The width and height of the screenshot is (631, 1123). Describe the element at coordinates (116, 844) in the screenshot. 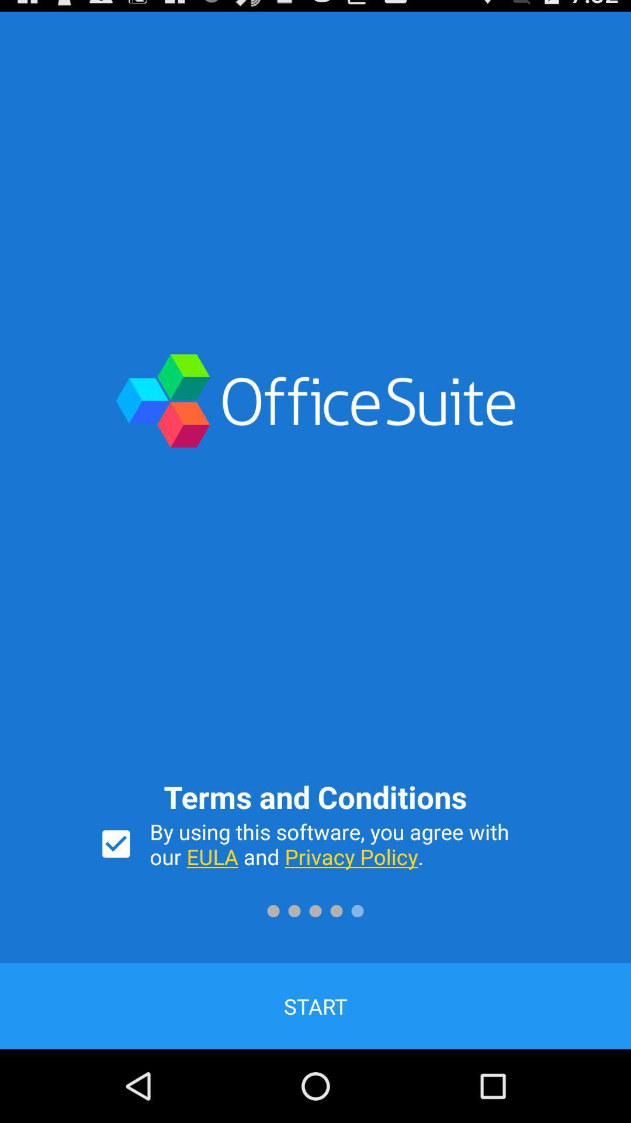

I see `item above the start button` at that location.